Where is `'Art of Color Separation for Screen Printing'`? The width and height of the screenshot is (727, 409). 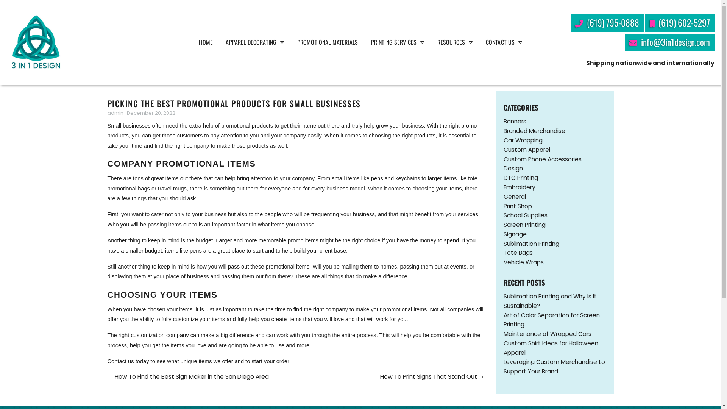 'Art of Color Separation for Screen Printing' is located at coordinates (552, 320).